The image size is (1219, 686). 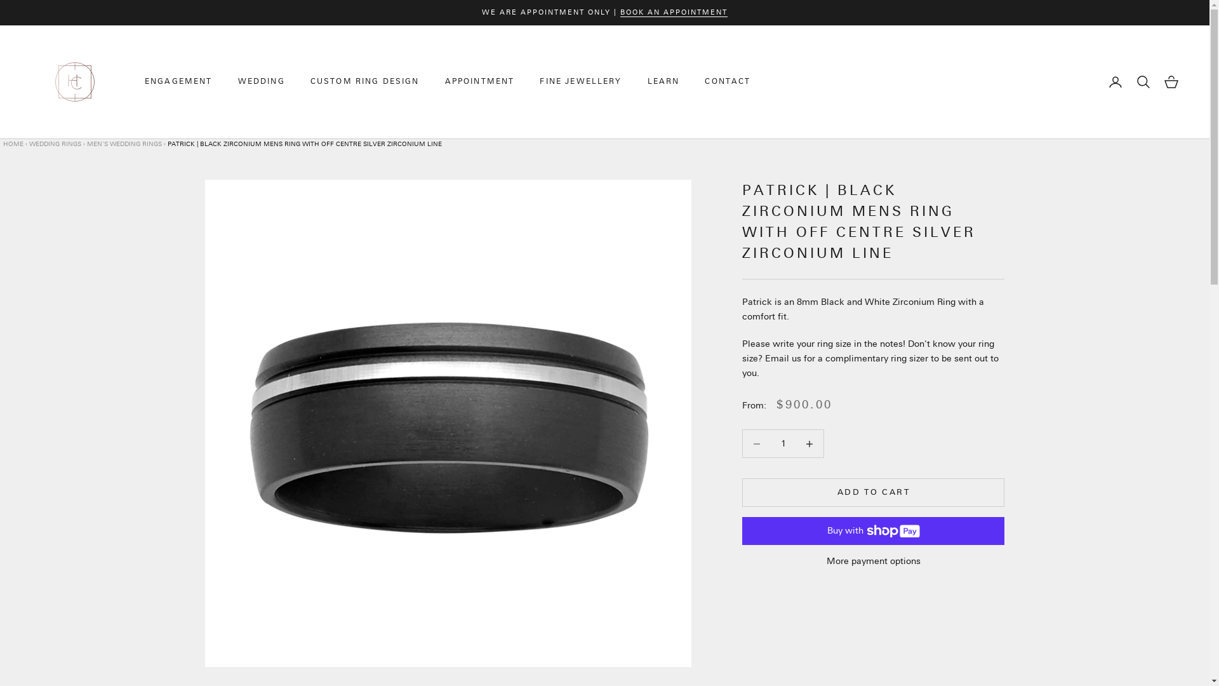 I want to click on 'APPOINTMENT', so click(x=479, y=81).